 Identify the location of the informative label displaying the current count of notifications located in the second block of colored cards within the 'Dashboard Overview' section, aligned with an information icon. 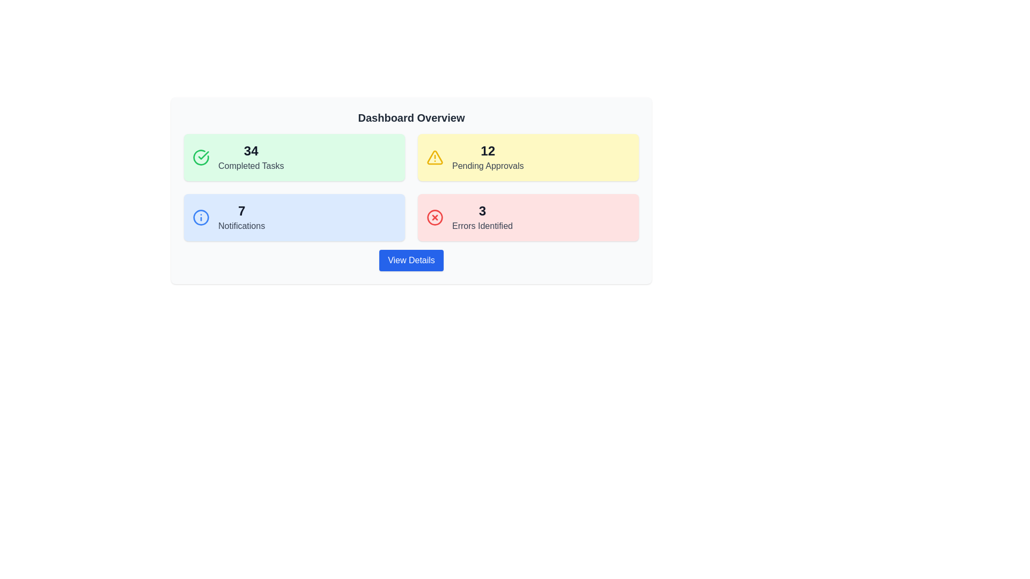
(241, 217).